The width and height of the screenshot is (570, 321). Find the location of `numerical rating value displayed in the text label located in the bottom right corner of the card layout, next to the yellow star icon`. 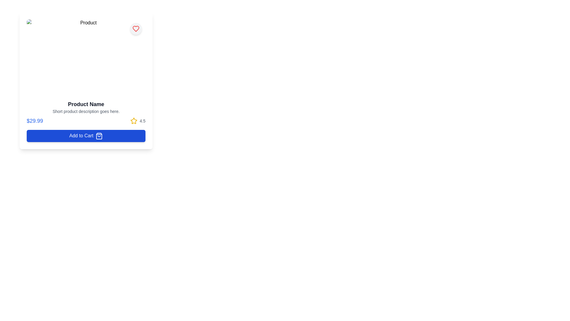

numerical rating value displayed in the text label located in the bottom right corner of the card layout, next to the yellow star icon is located at coordinates (142, 121).